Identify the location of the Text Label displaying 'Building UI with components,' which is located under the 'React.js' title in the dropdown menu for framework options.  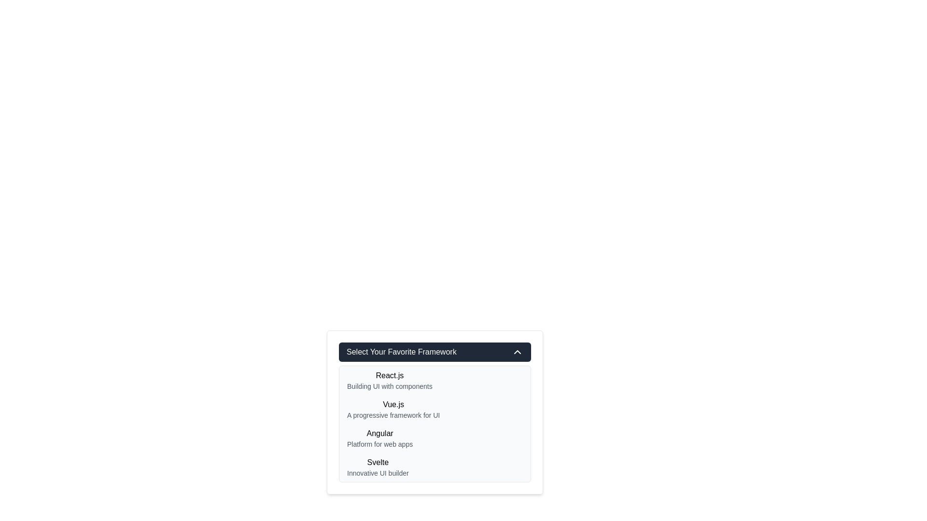
(390, 386).